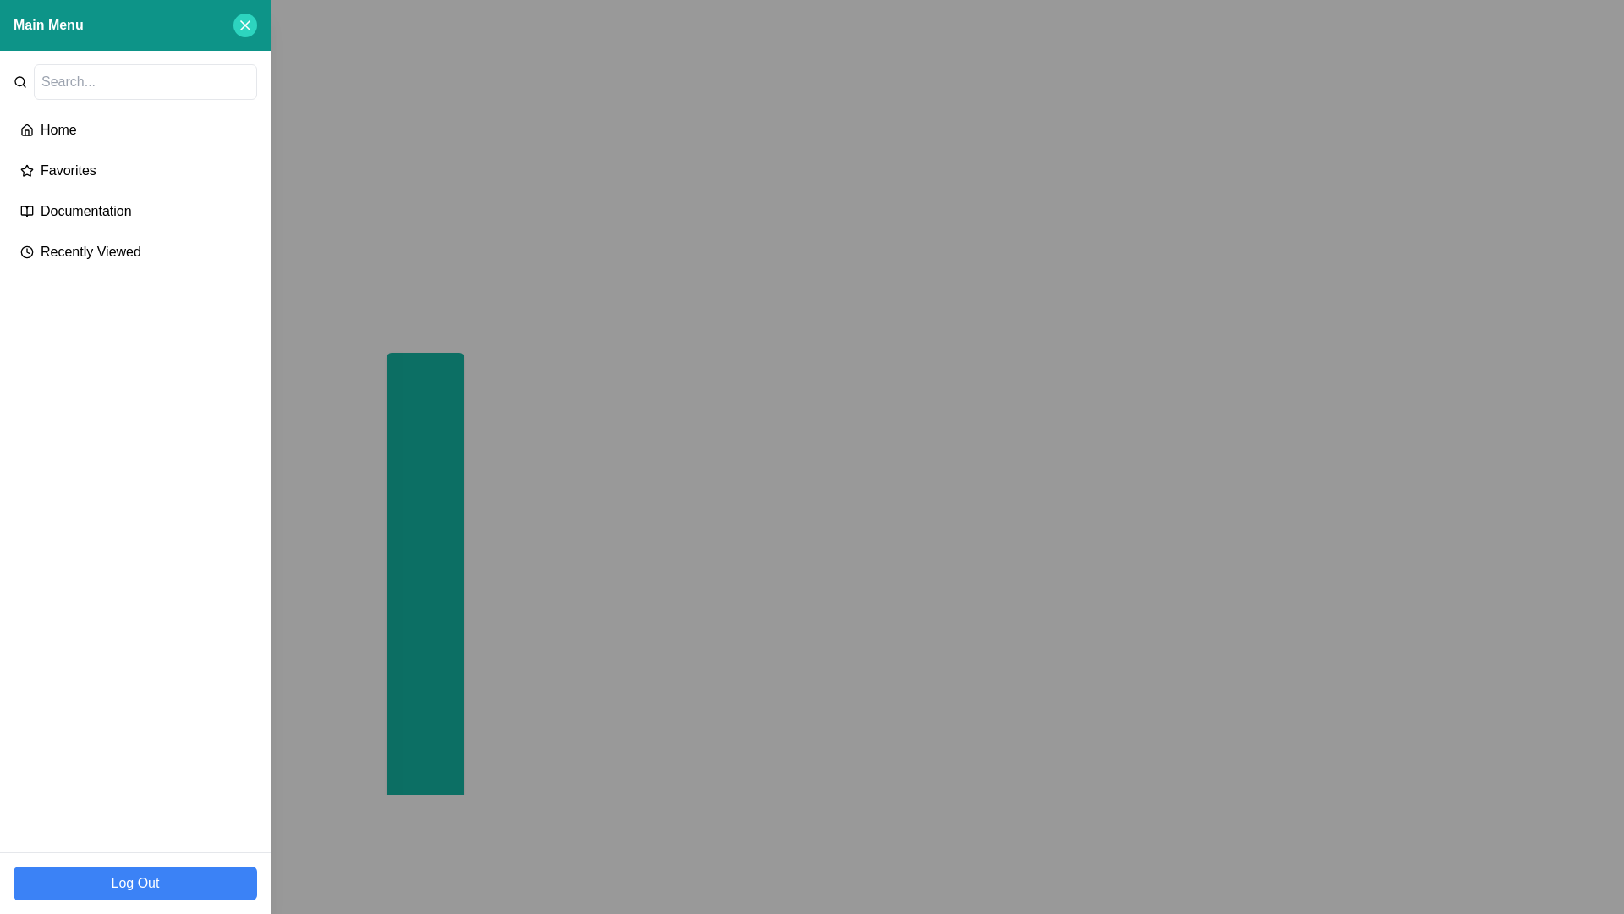 This screenshot has height=914, width=1624. I want to click on the open book icon located in the menu section next to the 'Documentation' label, so click(27, 211).